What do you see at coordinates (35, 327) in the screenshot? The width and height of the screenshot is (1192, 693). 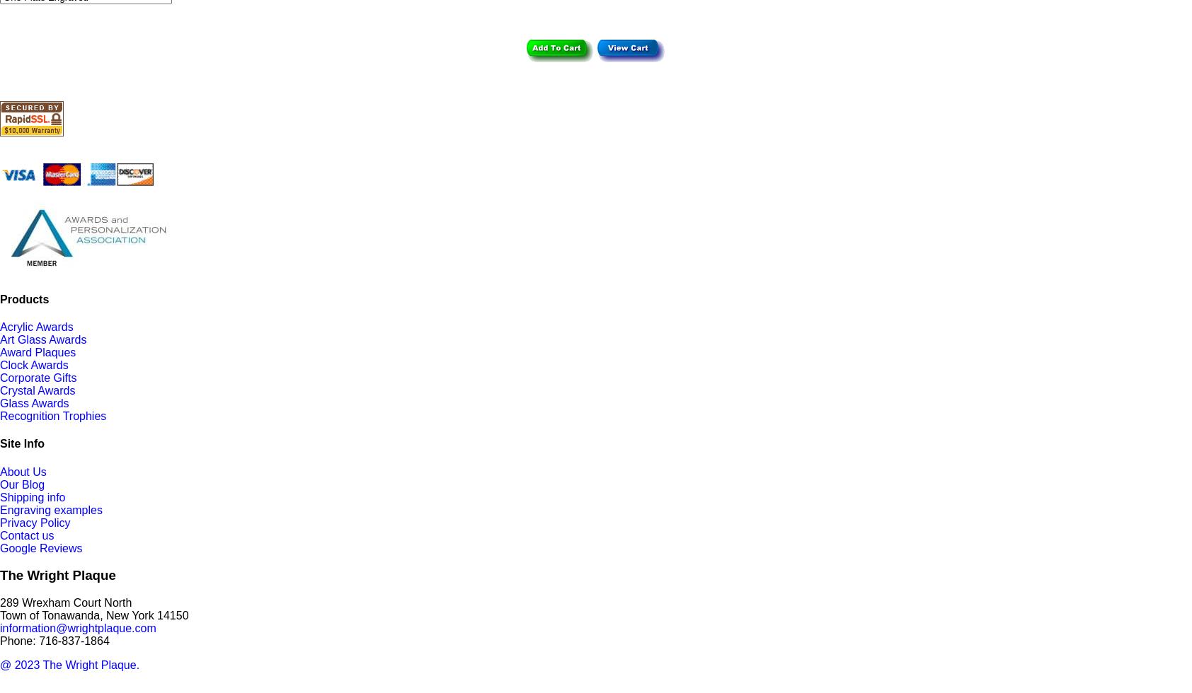 I see `'Acrylic Awards'` at bounding box center [35, 327].